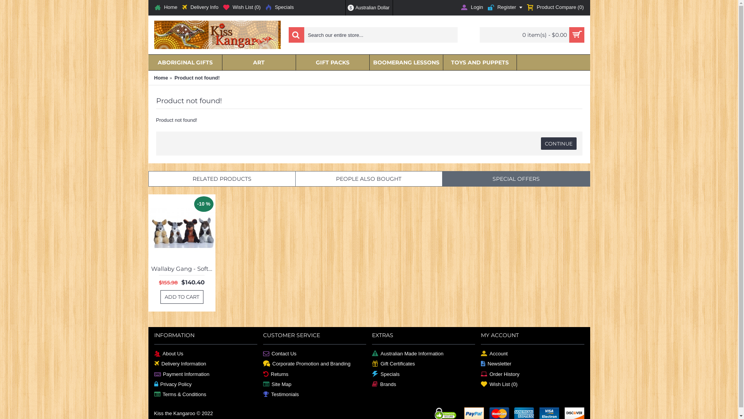 Image resolution: width=744 pixels, height=419 pixels. Describe the element at coordinates (184, 62) in the screenshot. I see `'ABORIGINAL GIFTS'` at that location.